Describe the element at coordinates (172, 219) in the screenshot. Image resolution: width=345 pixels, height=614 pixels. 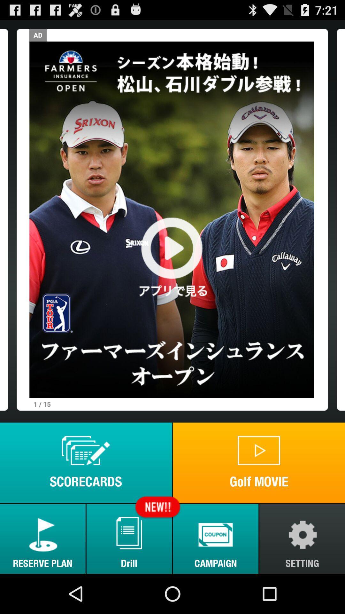
I see `video` at that location.